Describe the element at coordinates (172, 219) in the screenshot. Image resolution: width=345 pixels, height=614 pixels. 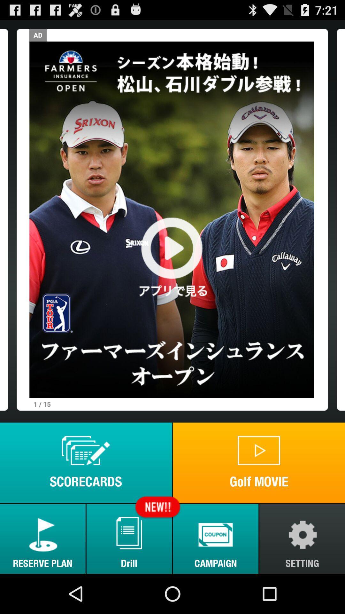
I see `video` at that location.